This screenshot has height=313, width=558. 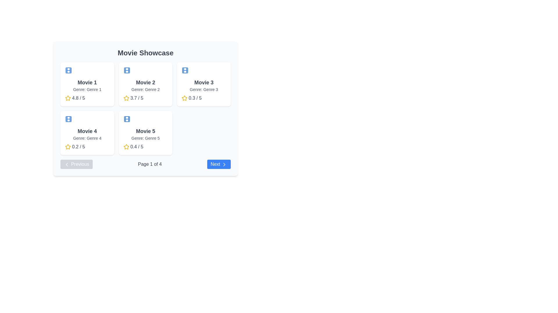 What do you see at coordinates (145, 138) in the screenshot?
I see `genre information displayed as 'Genre: Genre 5' located in the card layout beneath the title 'Movie 5'` at bounding box center [145, 138].